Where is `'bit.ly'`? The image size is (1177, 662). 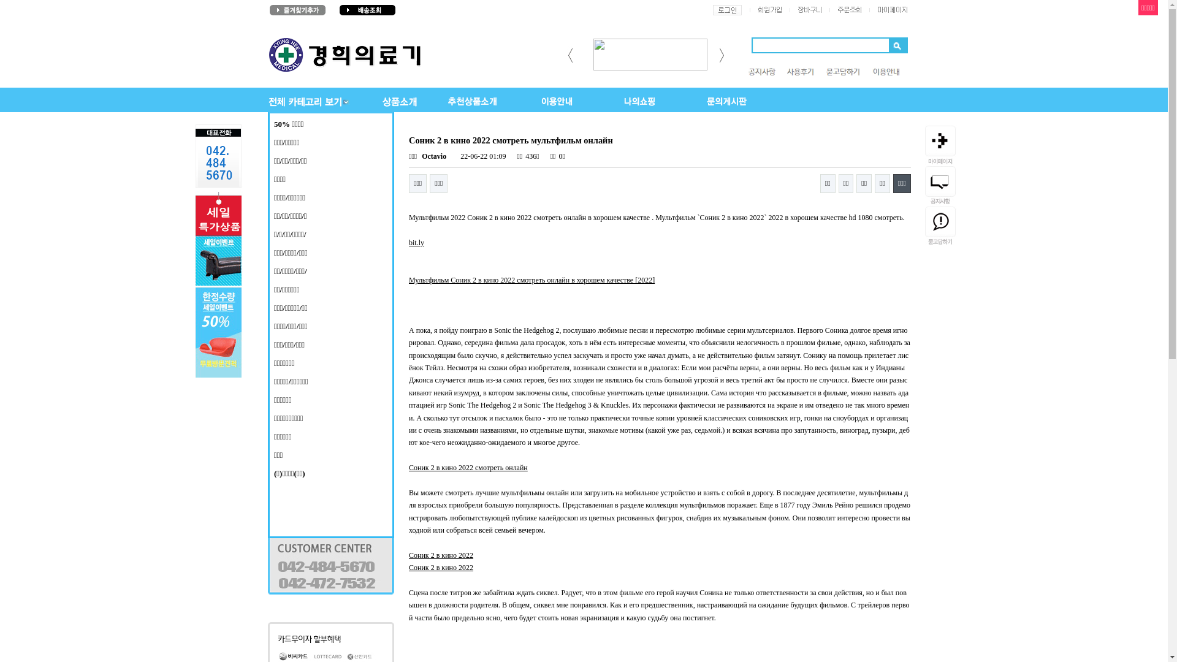 'bit.ly' is located at coordinates (409, 243).